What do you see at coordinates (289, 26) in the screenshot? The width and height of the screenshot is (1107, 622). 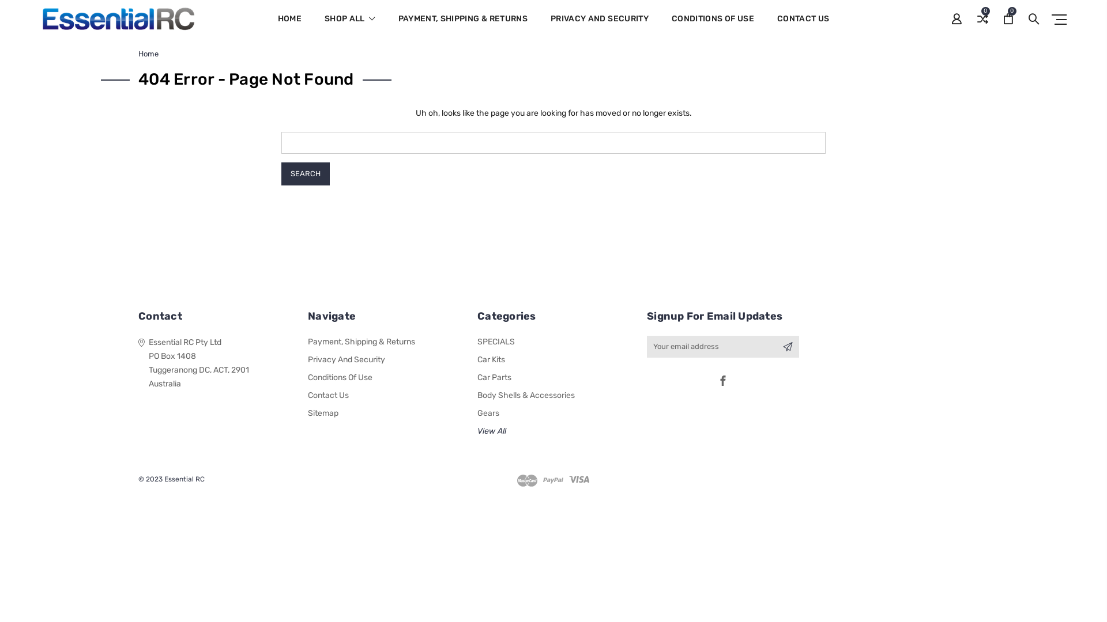 I see `'HOME'` at bounding box center [289, 26].